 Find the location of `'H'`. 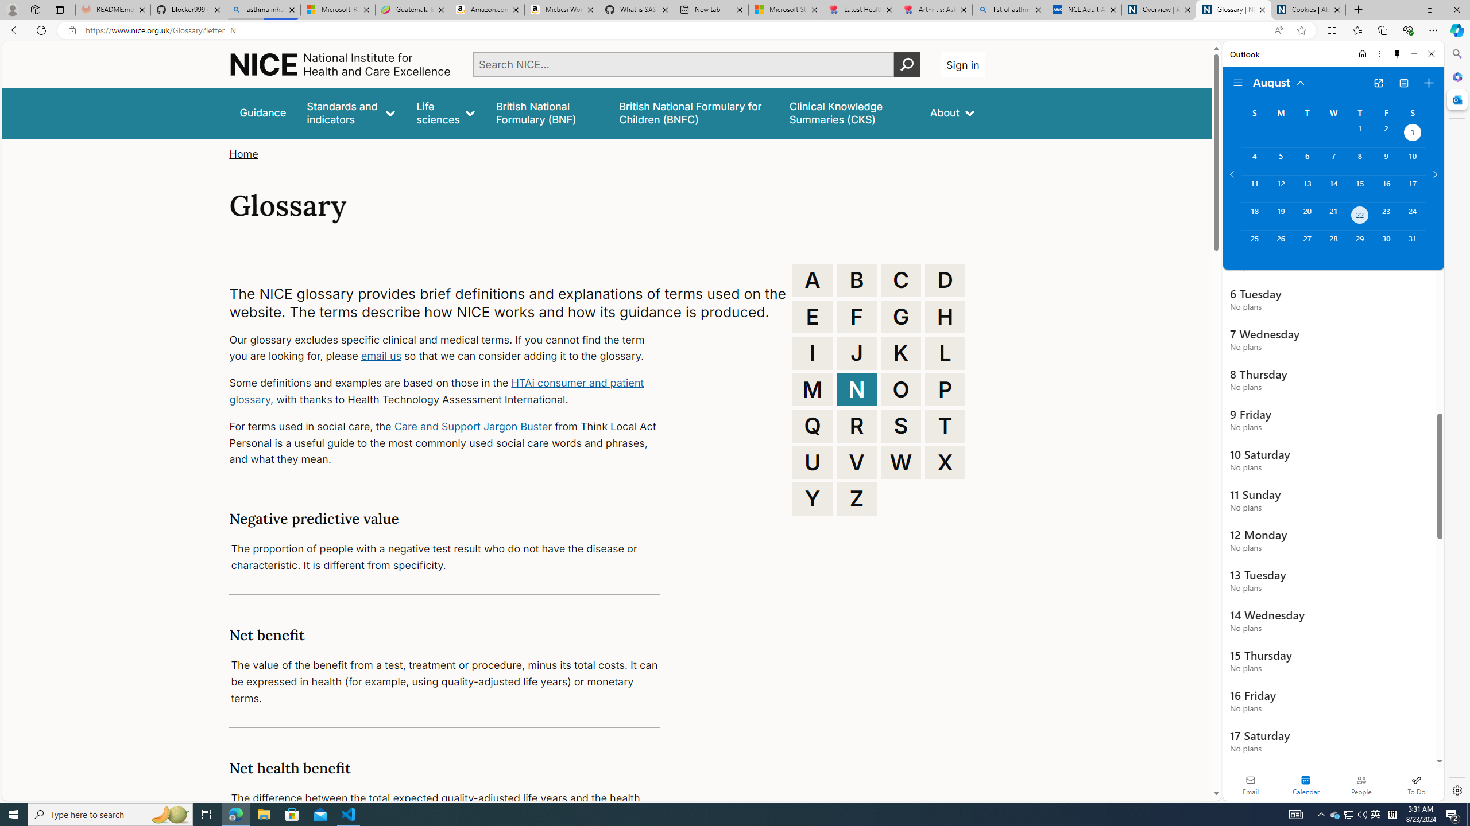

'H' is located at coordinates (945, 316).